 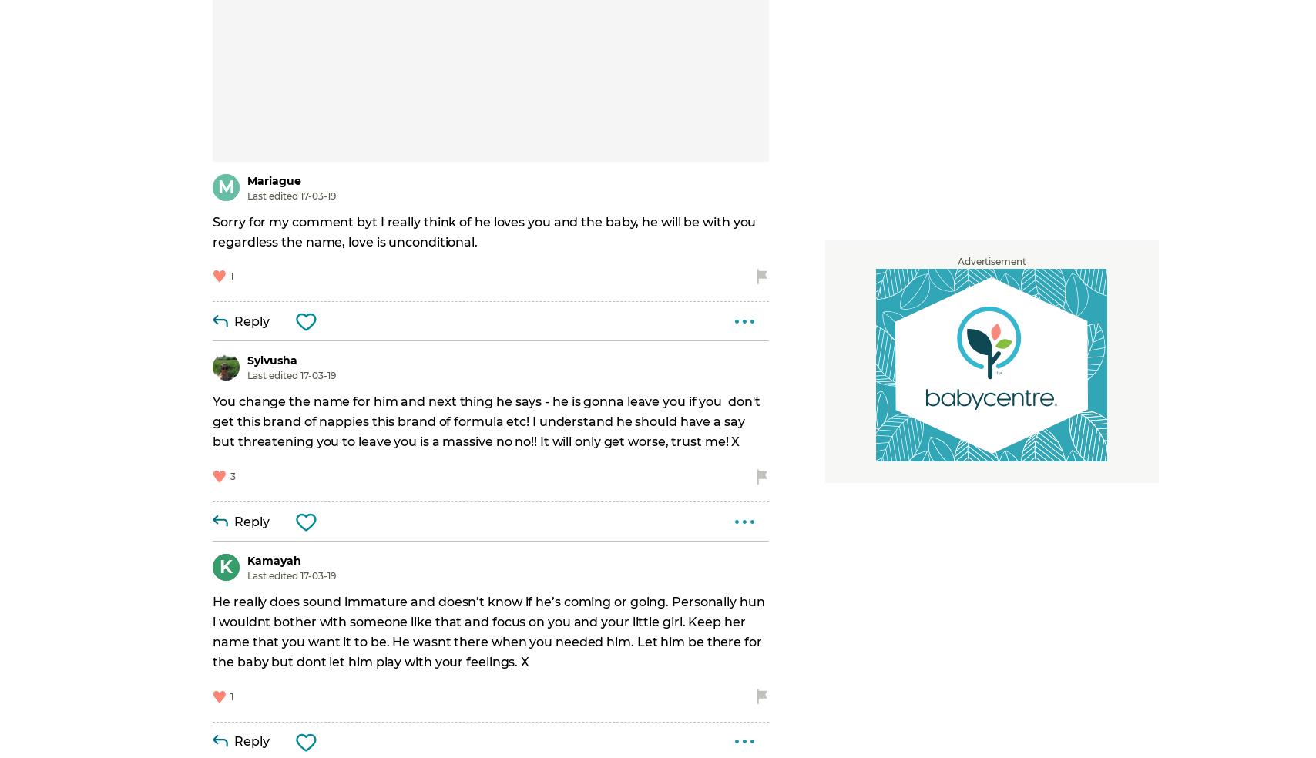 What do you see at coordinates (213, 421) in the screenshot?
I see `'You change the name for him and next thing he says - he is gonna leave you if you  don't get this brand of nappies this brand of formula etc! I understand he should have a say but threatening you to leave you is a massive no no!! It will only get worse, trust me! X'` at bounding box center [213, 421].